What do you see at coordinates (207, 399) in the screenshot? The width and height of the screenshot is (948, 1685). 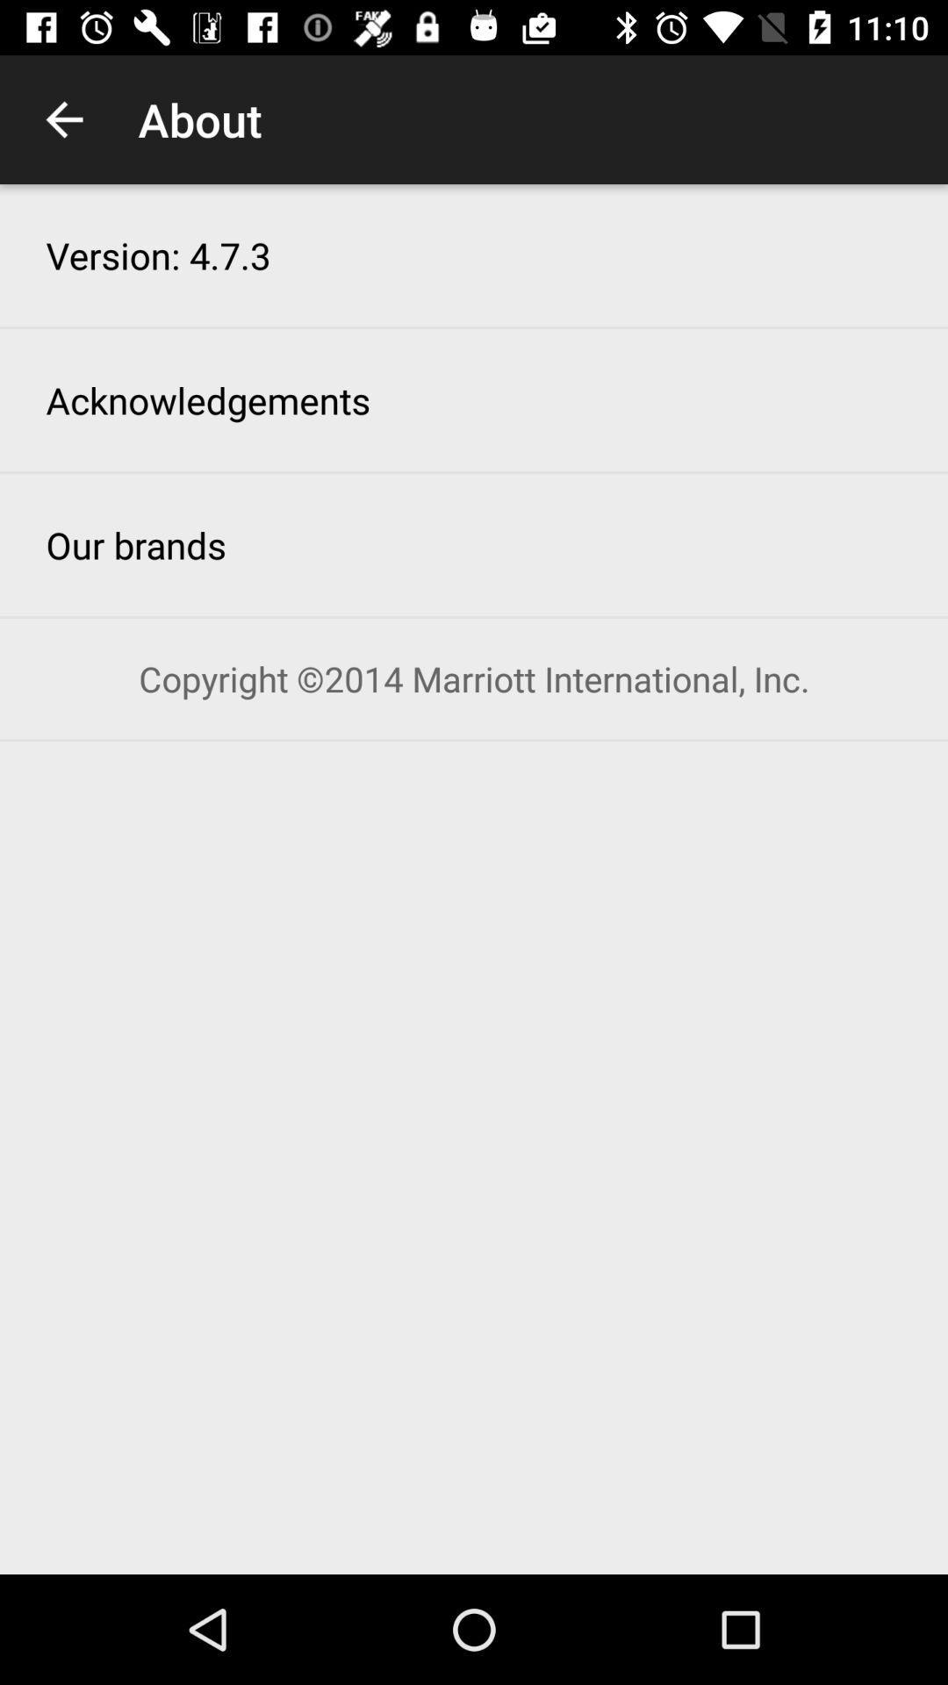 I see `icon above our brands` at bounding box center [207, 399].